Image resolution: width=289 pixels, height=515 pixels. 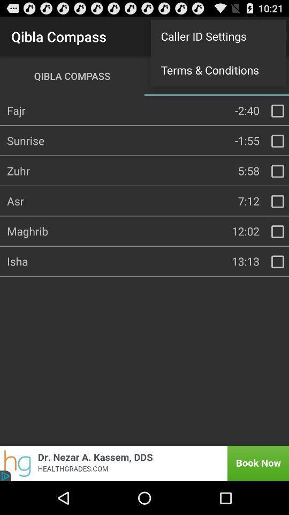 I want to click on button image, so click(x=144, y=463).